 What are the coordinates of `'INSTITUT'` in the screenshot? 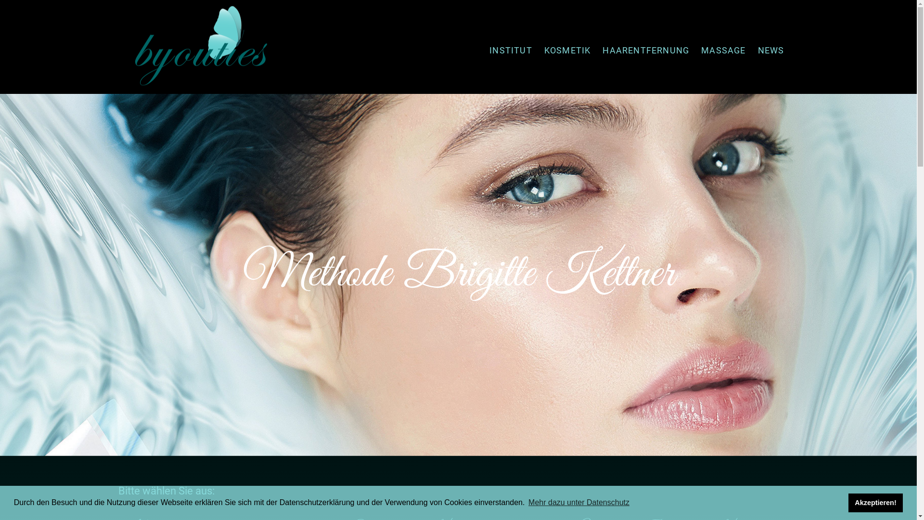 It's located at (510, 50).